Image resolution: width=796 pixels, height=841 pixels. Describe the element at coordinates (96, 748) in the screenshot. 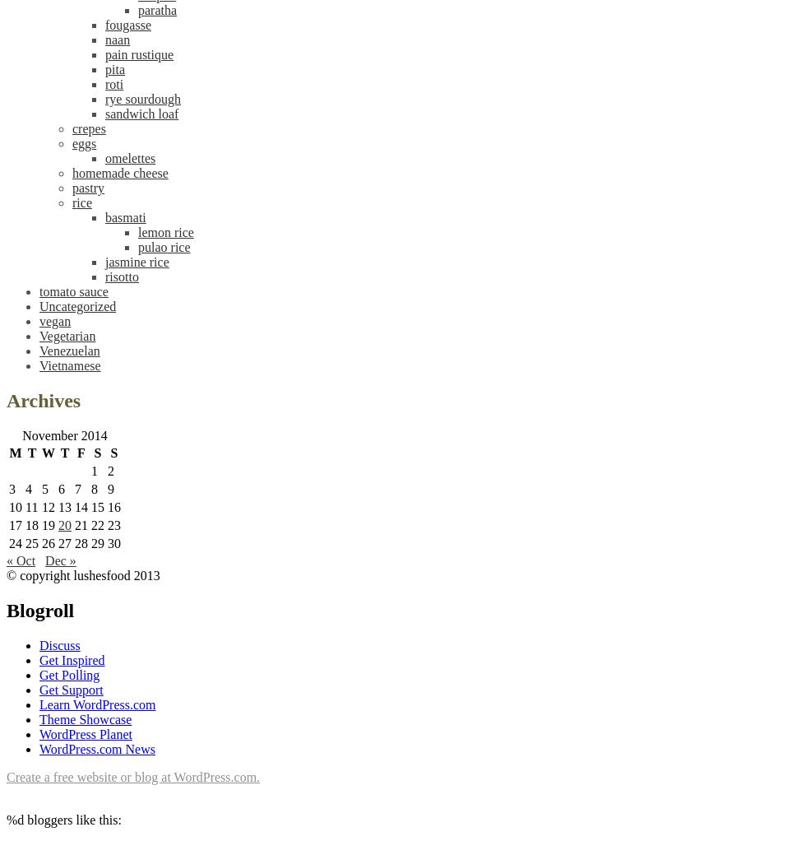

I see `'WordPress.com News'` at that location.